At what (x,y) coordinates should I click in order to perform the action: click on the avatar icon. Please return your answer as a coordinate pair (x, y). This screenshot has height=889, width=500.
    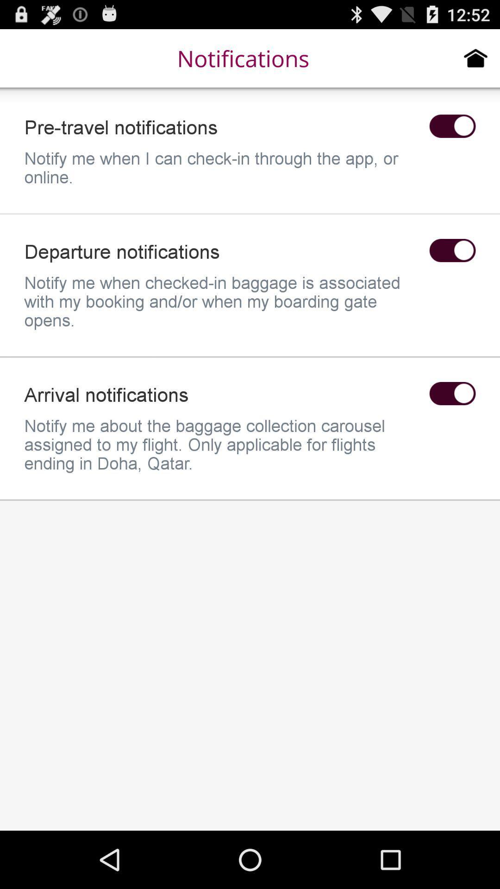
    Looking at the image, I should click on (452, 134).